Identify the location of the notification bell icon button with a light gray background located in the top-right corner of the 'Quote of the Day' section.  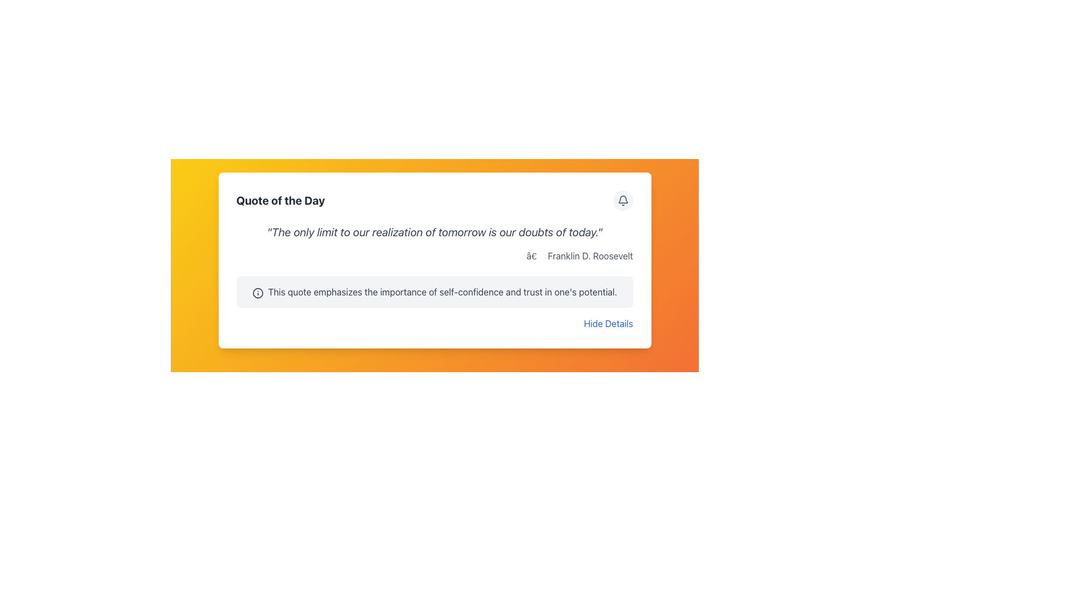
(622, 200).